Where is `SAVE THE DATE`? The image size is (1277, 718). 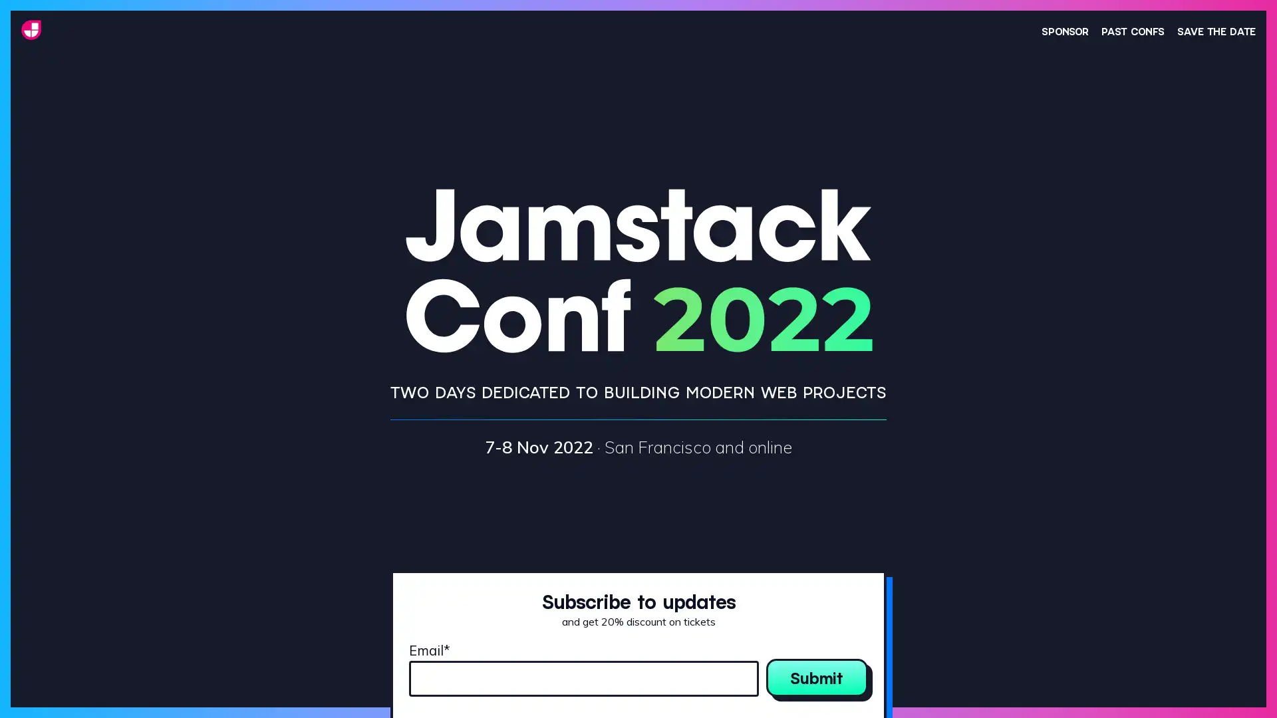 SAVE THE DATE is located at coordinates (1216, 30).